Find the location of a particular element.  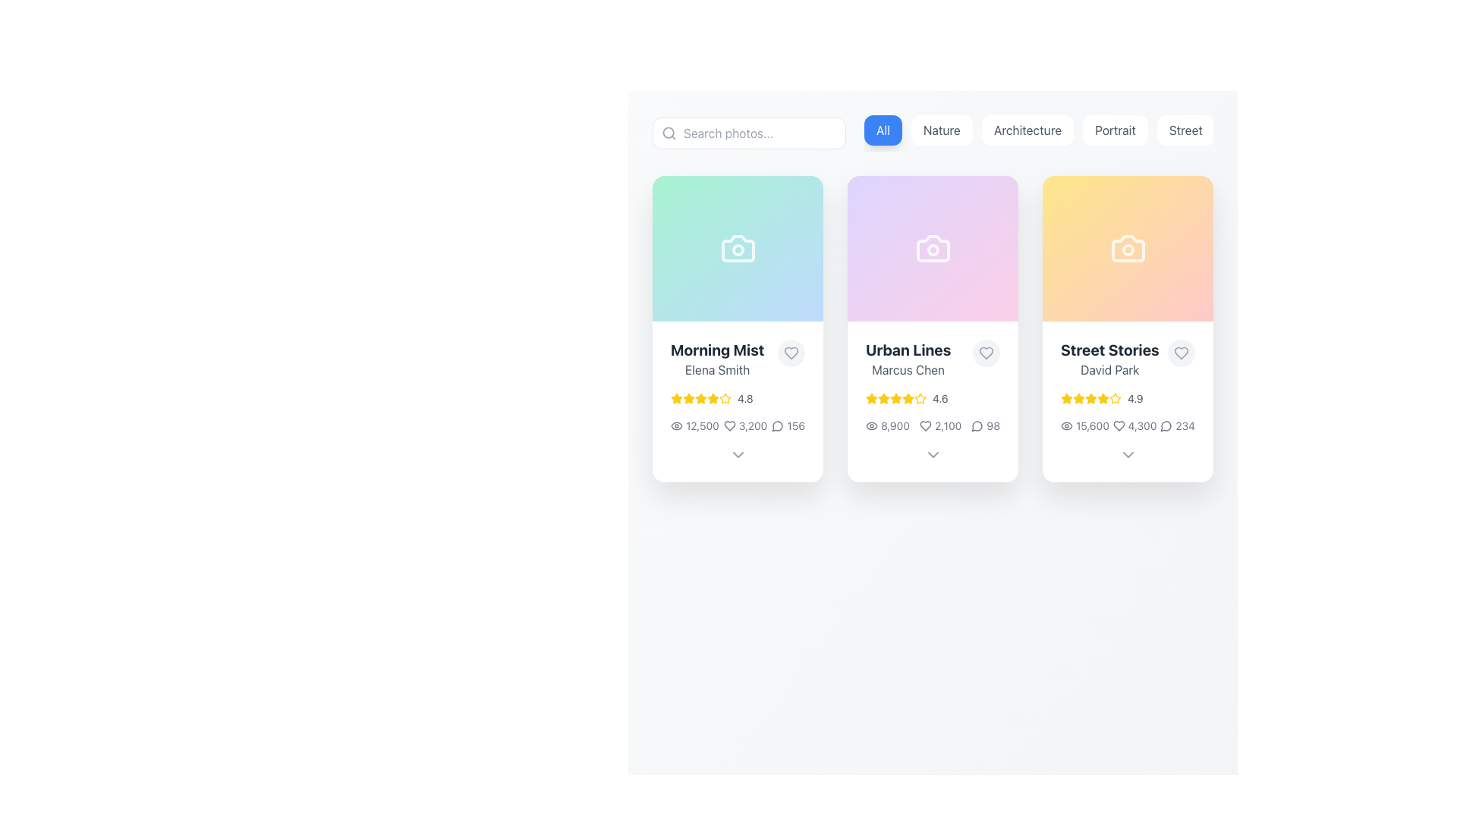

the first star-shaped icon with a yellow fill in the rating system for 'Morning Mist', located below the title and to the left of its numerical rating '4.8' is located at coordinates (676, 397).